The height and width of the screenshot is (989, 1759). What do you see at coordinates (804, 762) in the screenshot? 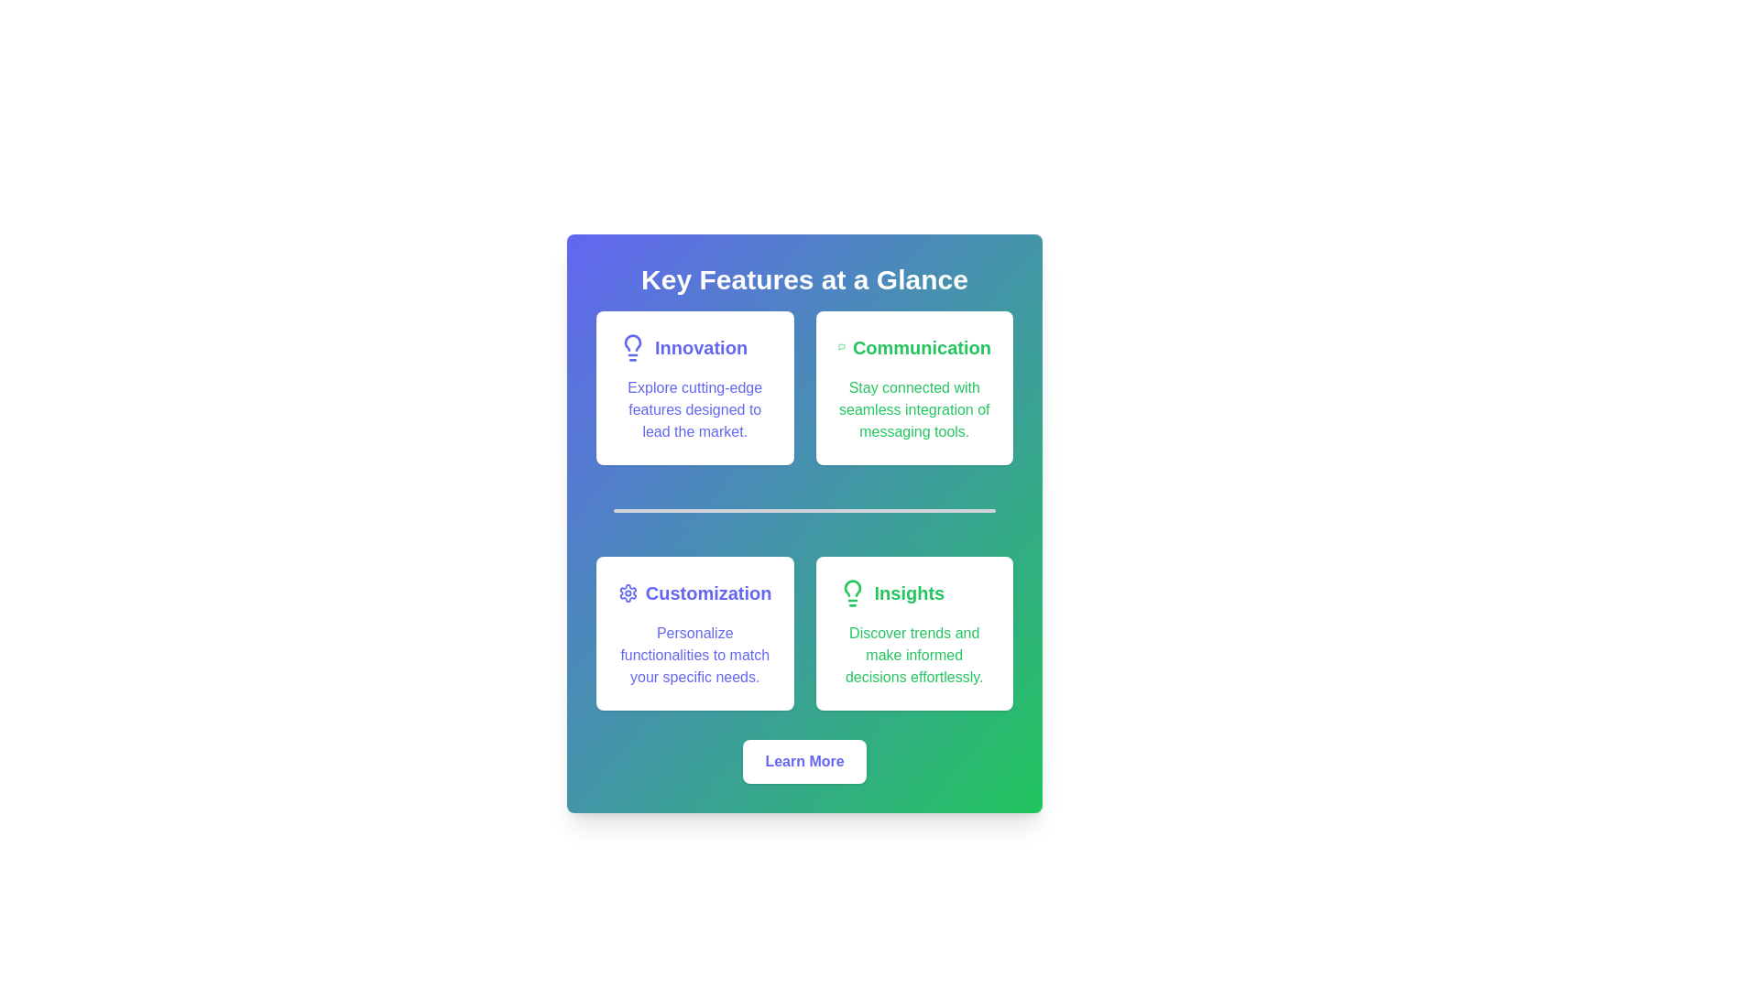
I see `the button located at the bottom center of the 'Key Features at a Glance' section` at bounding box center [804, 762].